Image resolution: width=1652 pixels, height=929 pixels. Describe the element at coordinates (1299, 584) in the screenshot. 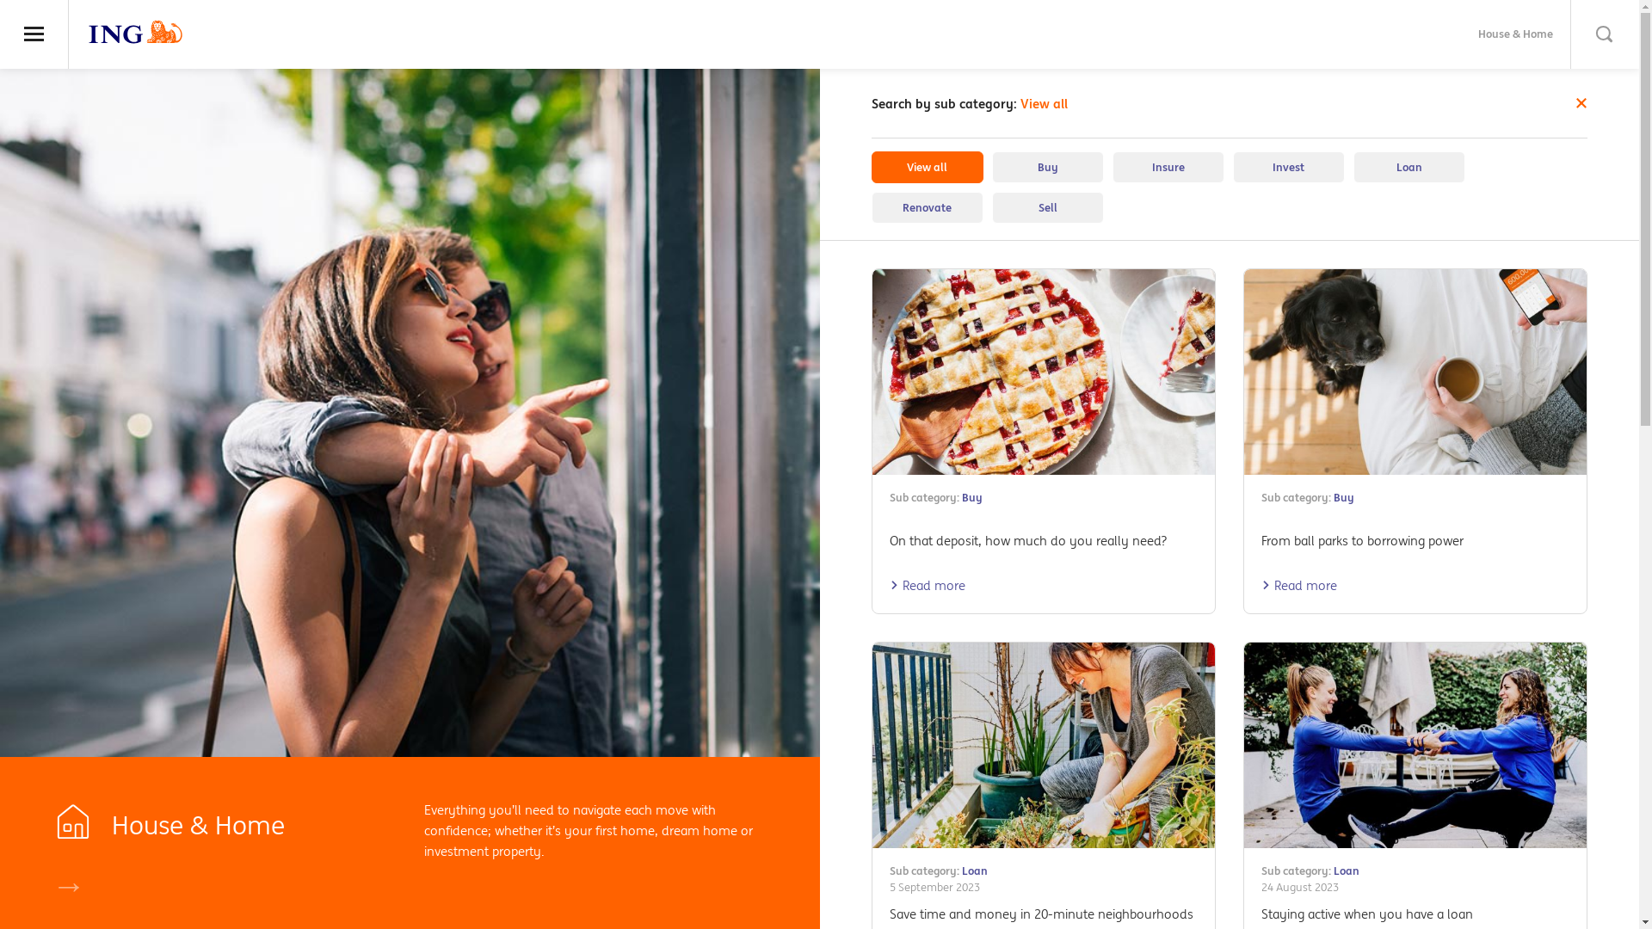

I see `'Read more'` at that location.